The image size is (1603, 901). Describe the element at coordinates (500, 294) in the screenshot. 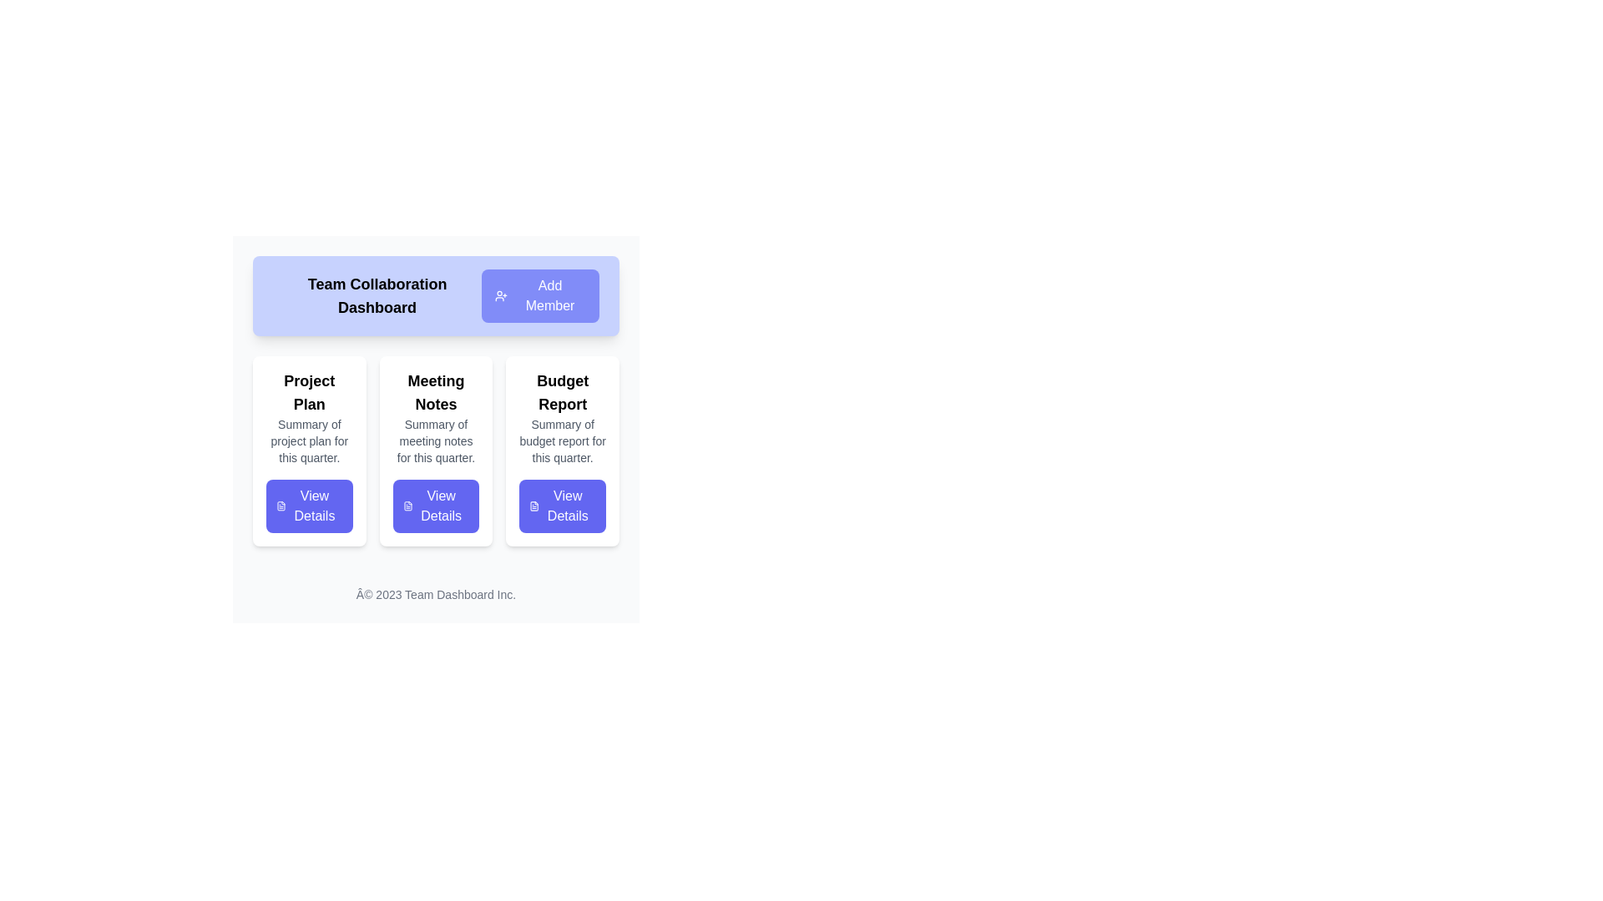

I see `the 'Add Member' icon located within the 'Add Member' button at the top-right of the 'Team Collaboration Dashboard'` at that location.